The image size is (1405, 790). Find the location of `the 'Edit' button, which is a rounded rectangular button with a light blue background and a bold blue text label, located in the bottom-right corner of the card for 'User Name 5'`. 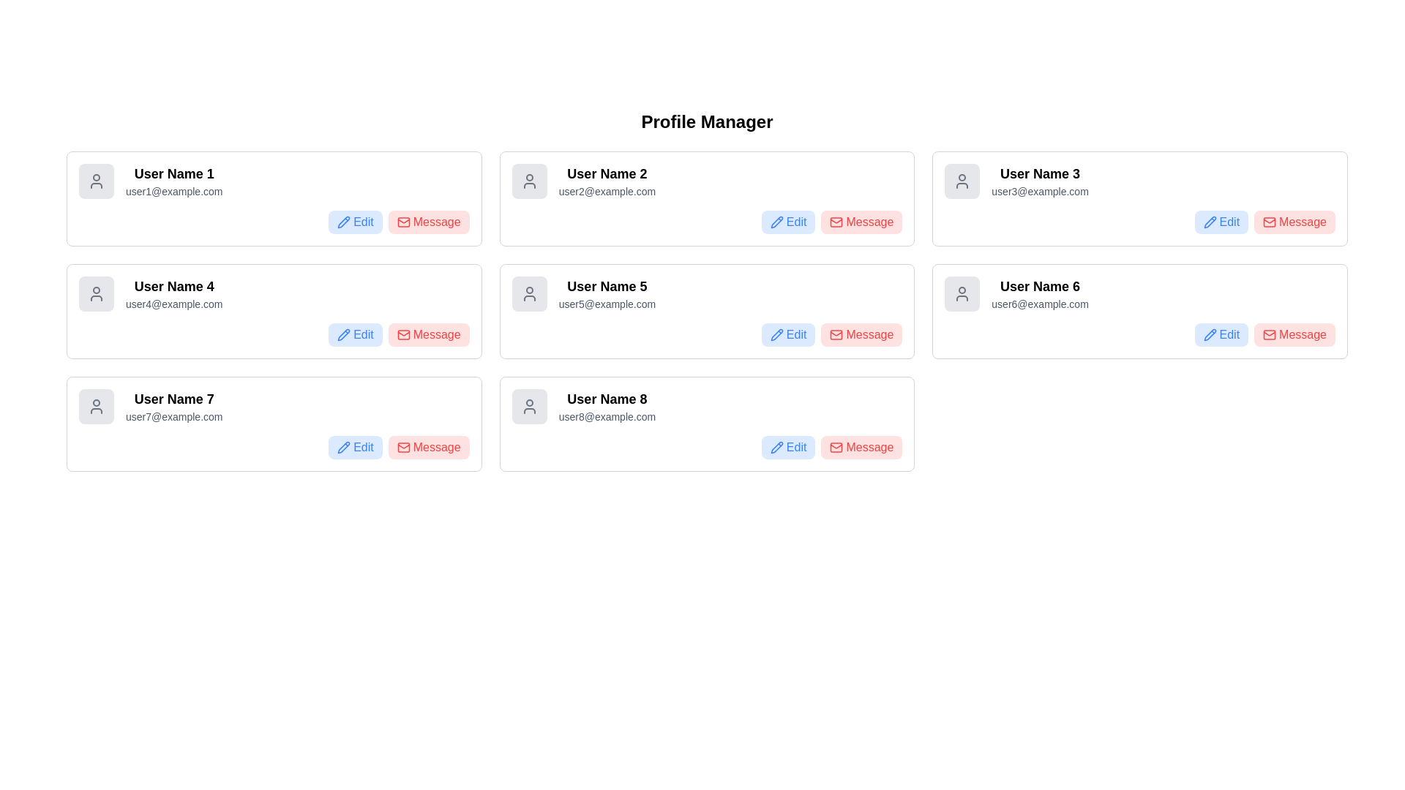

the 'Edit' button, which is a rounded rectangular button with a light blue background and a bold blue text label, located in the bottom-right corner of the card for 'User Name 5' is located at coordinates (787, 335).